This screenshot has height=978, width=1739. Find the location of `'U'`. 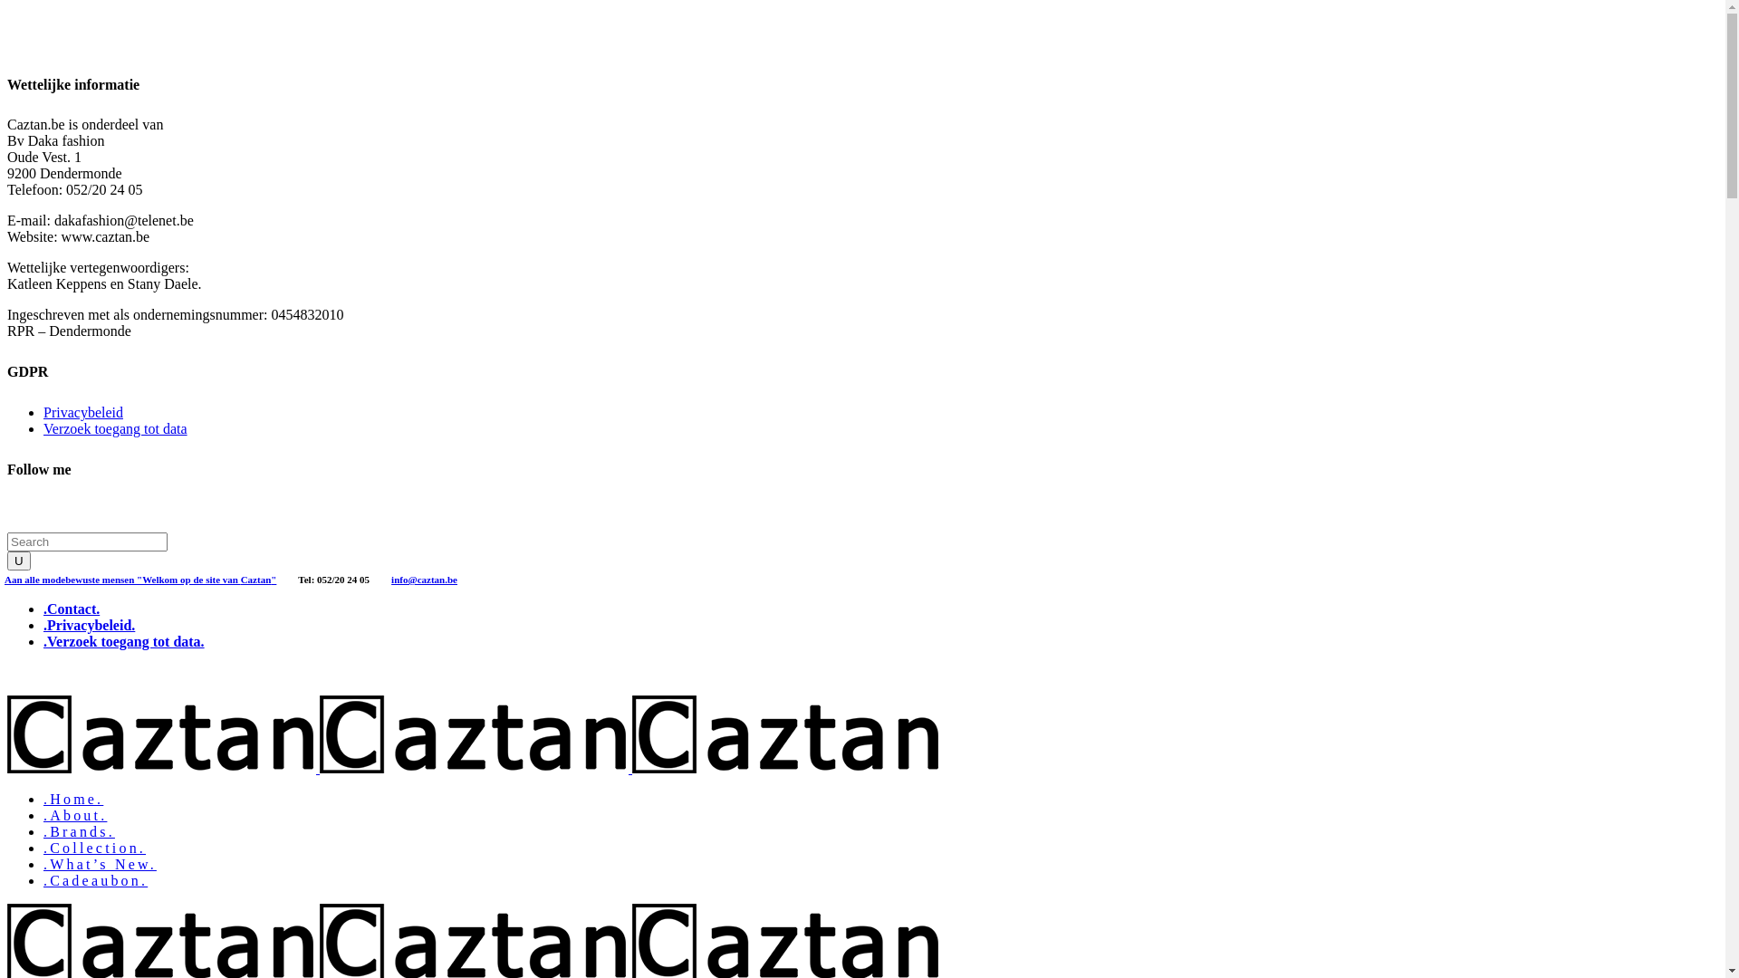

'U' is located at coordinates (18, 560).